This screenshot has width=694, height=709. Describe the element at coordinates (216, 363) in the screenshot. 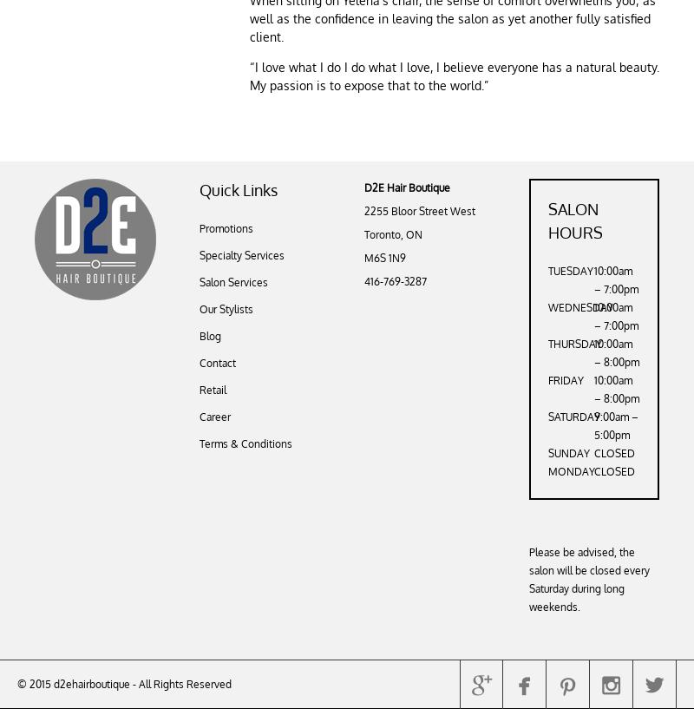

I see `'Contact'` at that location.